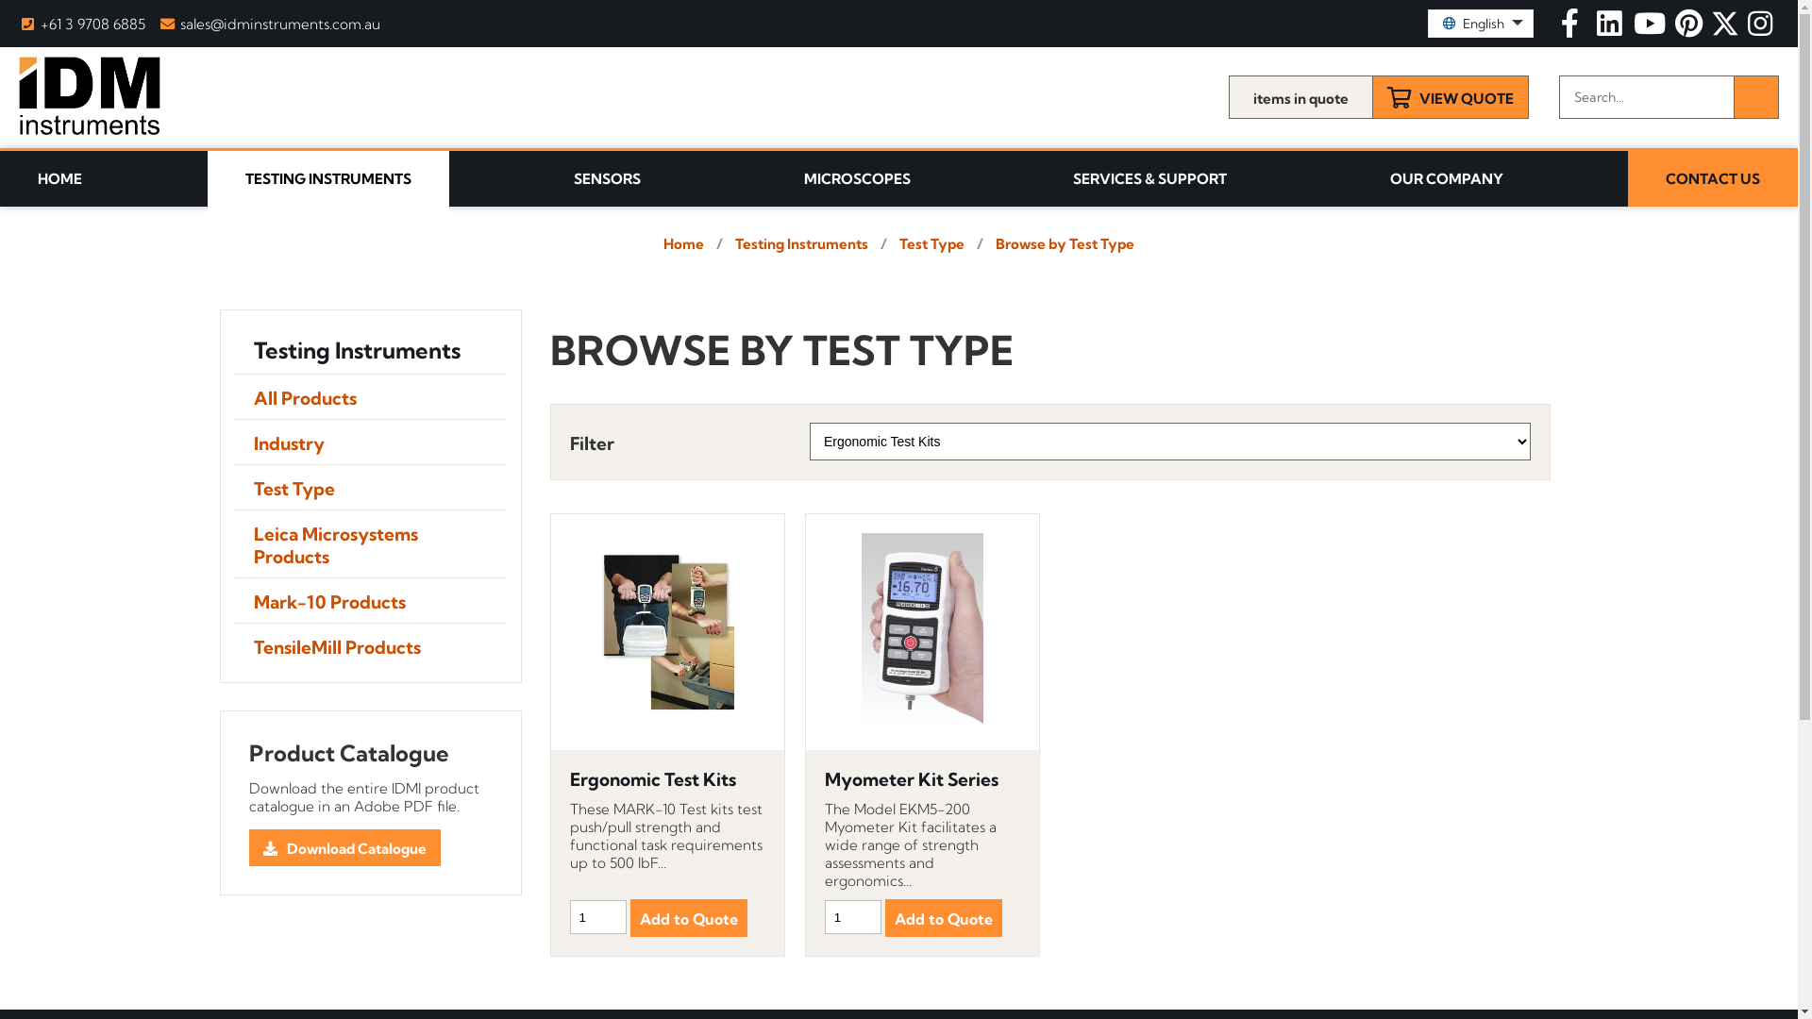  I want to click on 'IDM Instruments on Twitter', so click(1726, 28).